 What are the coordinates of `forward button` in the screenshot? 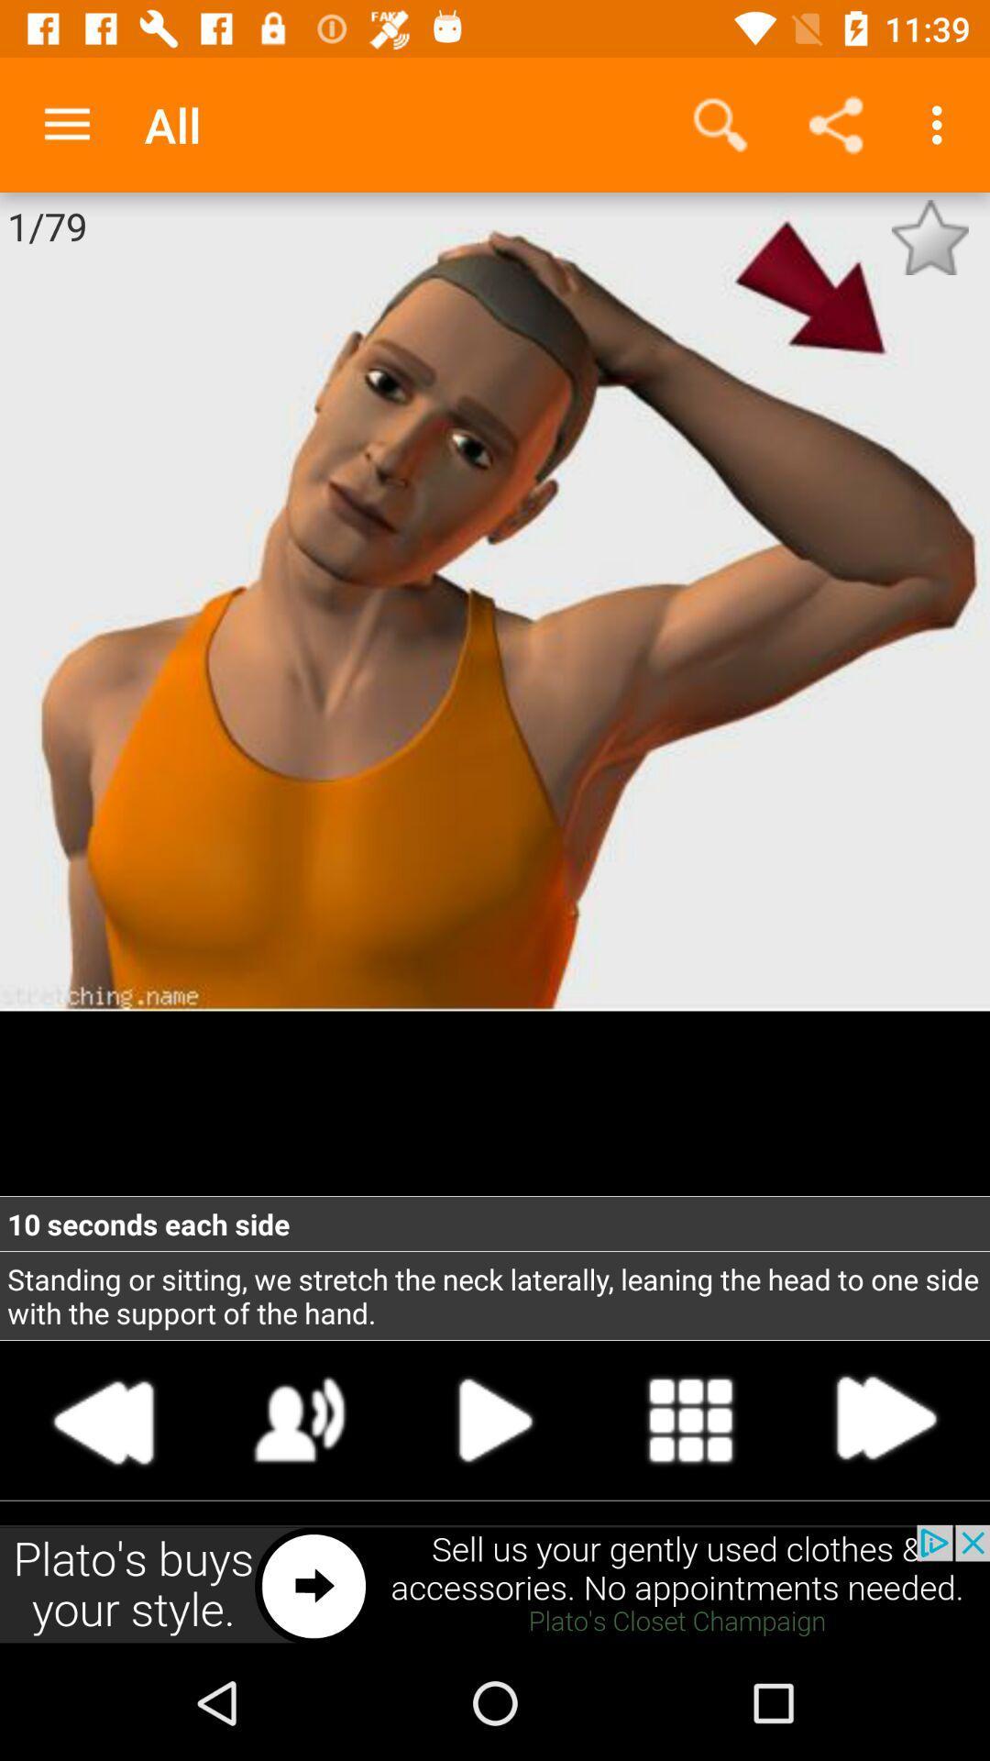 It's located at (884, 1420).